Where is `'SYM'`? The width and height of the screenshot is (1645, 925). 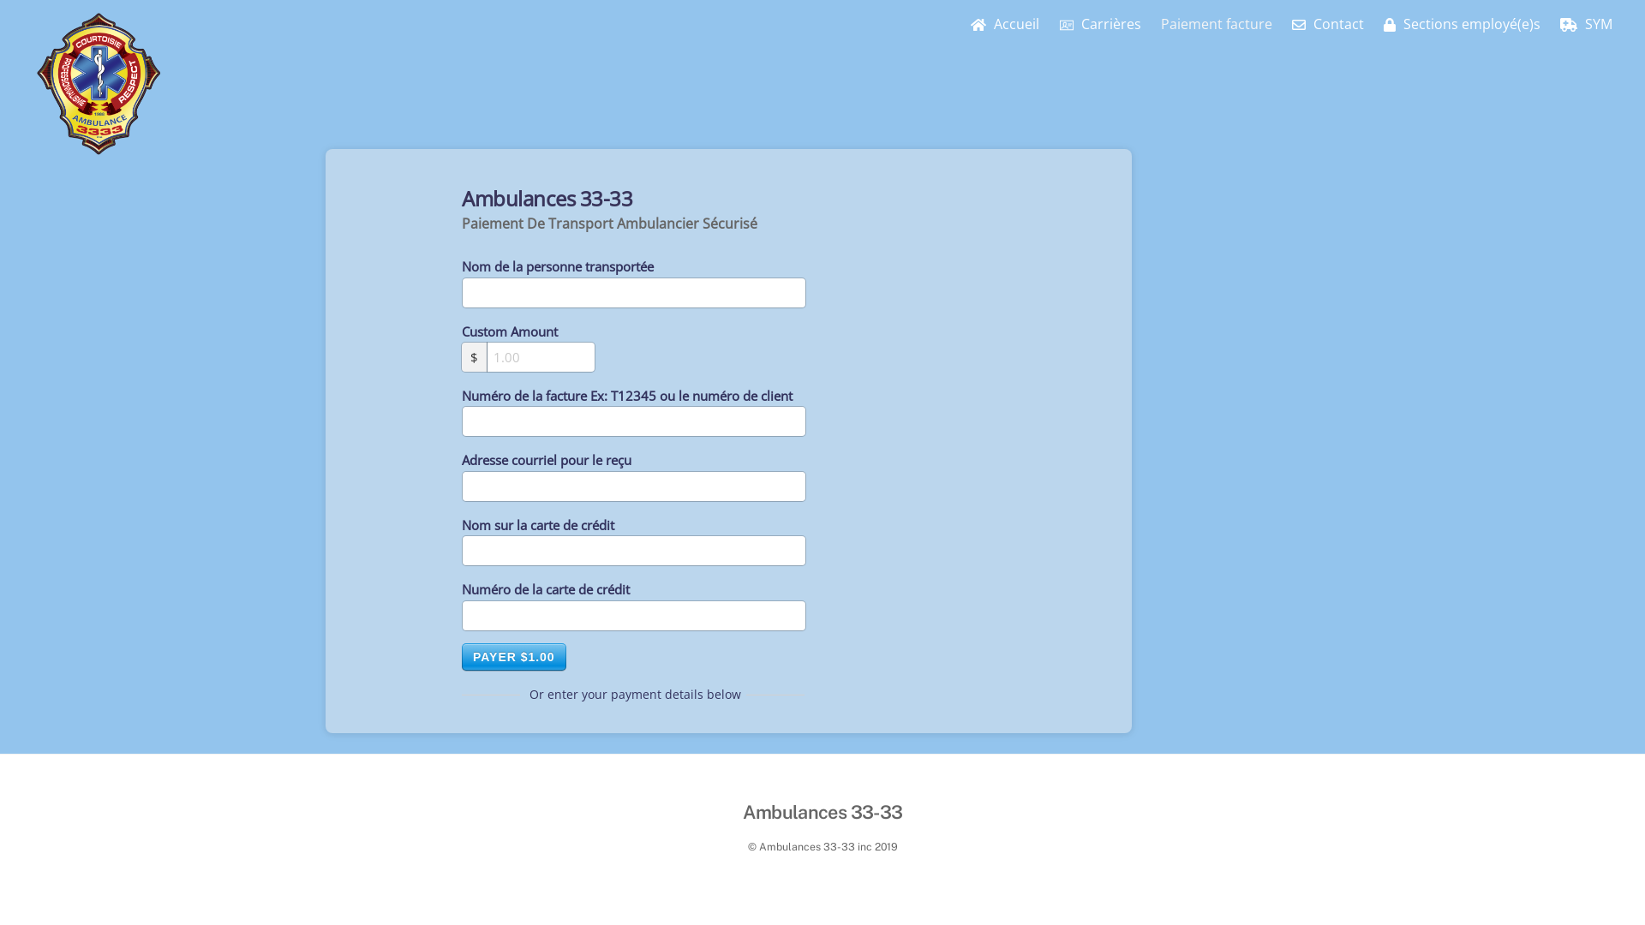 'SYM' is located at coordinates (1586, 23).